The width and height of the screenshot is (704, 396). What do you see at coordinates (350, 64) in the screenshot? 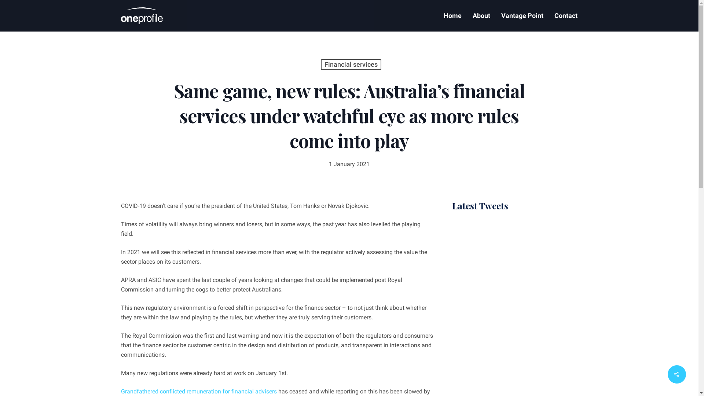
I see `'Financial services'` at bounding box center [350, 64].